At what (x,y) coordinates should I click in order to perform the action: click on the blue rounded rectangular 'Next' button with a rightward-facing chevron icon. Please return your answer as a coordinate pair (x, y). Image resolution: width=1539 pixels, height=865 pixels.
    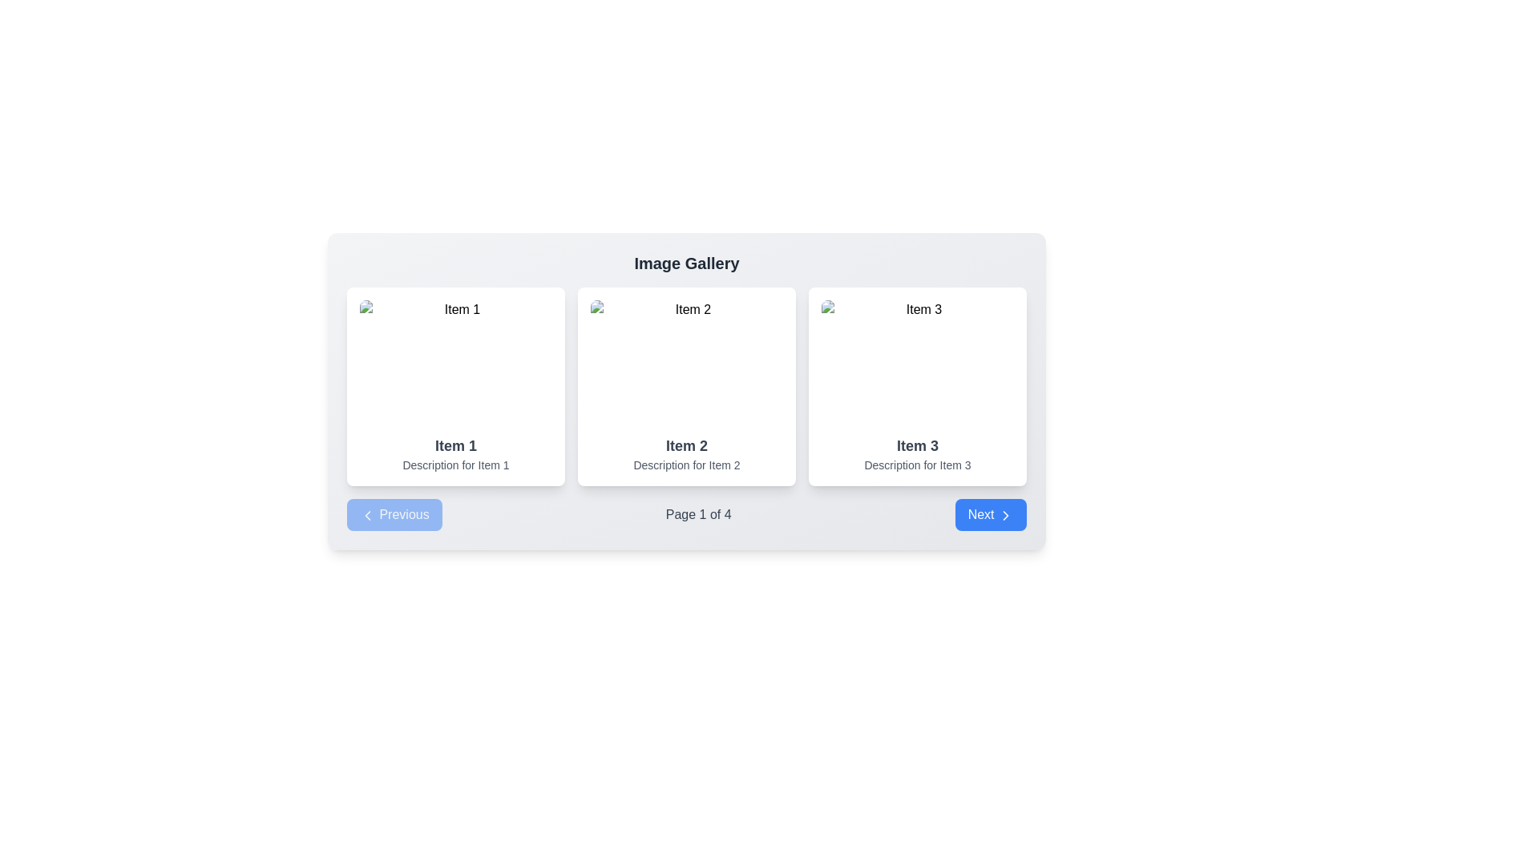
    Looking at the image, I should click on (990, 515).